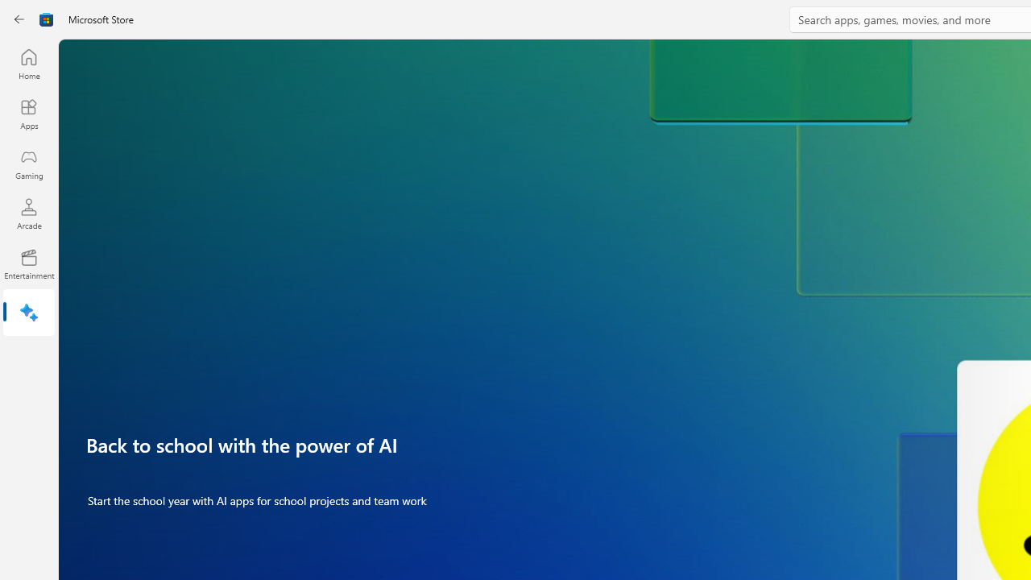  Describe the element at coordinates (19, 19) in the screenshot. I see `'Back'` at that location.